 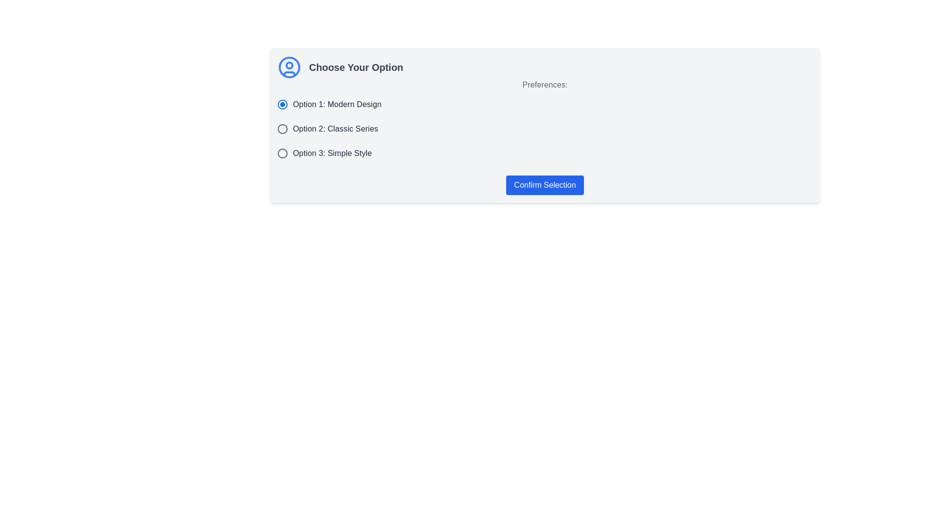 I want to click on the radio button indicator for 'Option 2: Classic Series', so click(x=282, y=128).